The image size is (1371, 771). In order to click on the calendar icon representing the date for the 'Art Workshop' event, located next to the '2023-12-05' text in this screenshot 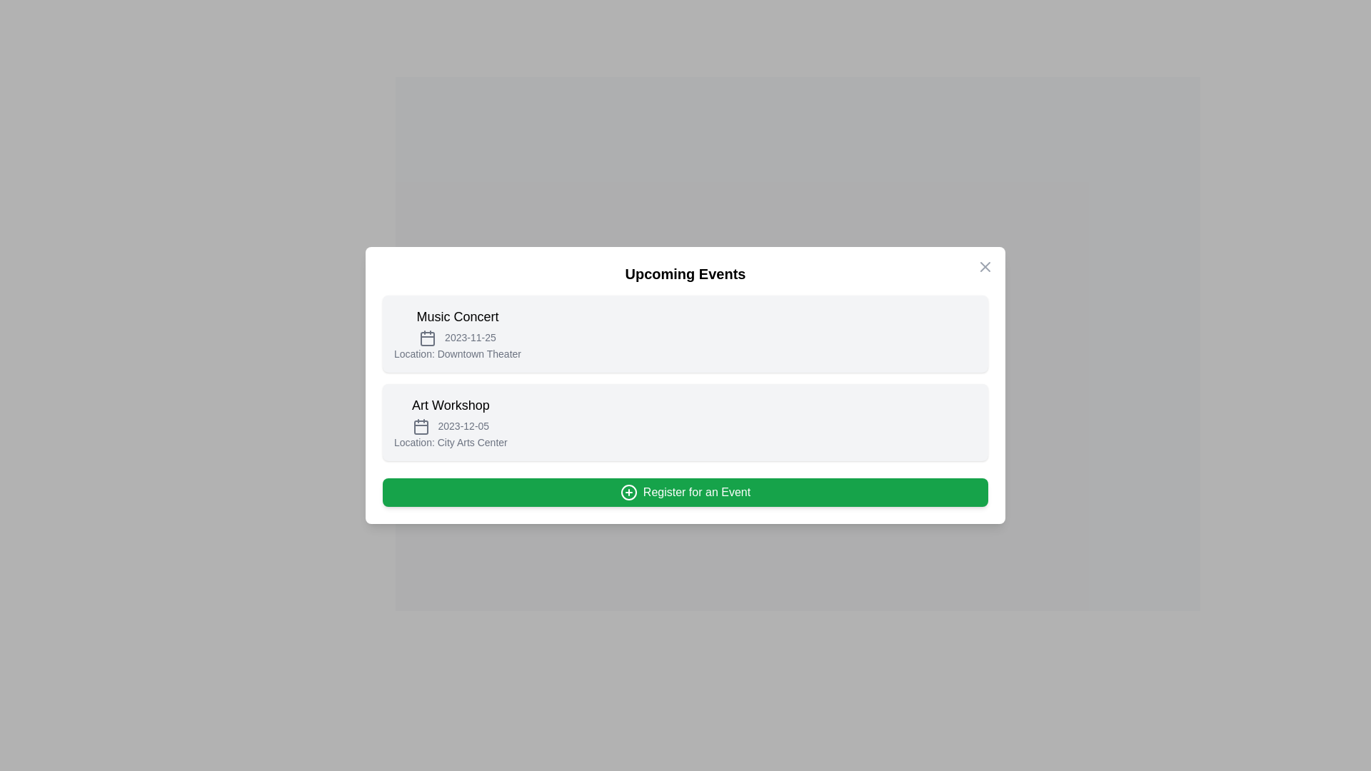, I will do `click(420, 426)`.